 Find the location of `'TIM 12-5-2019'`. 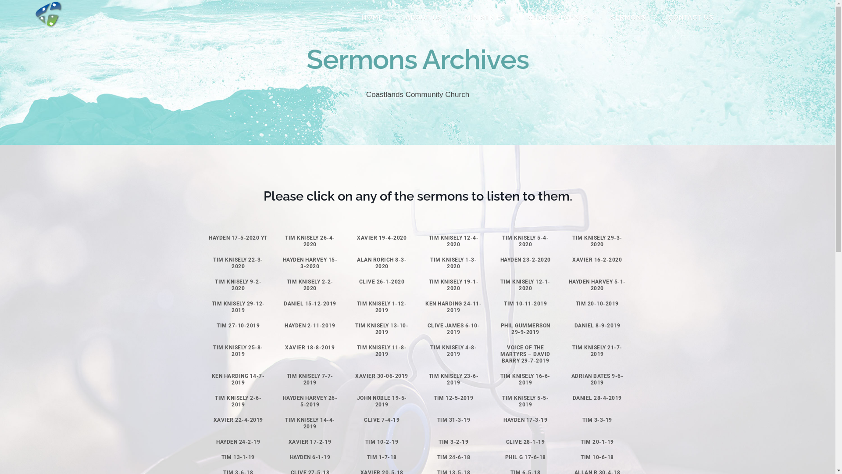

'TIM 12-5-2019' is located at coordinates (453, 398).